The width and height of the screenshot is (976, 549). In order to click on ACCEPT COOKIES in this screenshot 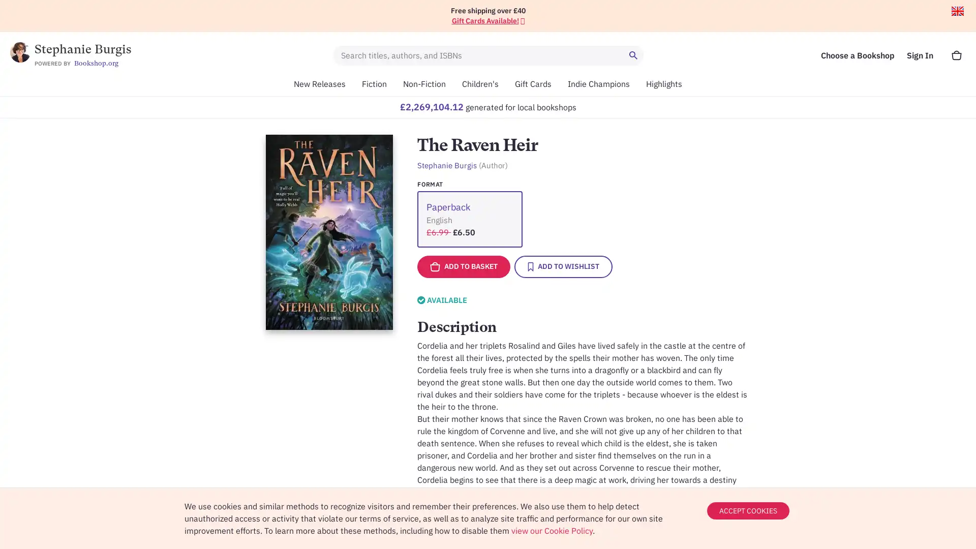, I will do `click(747, 510)`.